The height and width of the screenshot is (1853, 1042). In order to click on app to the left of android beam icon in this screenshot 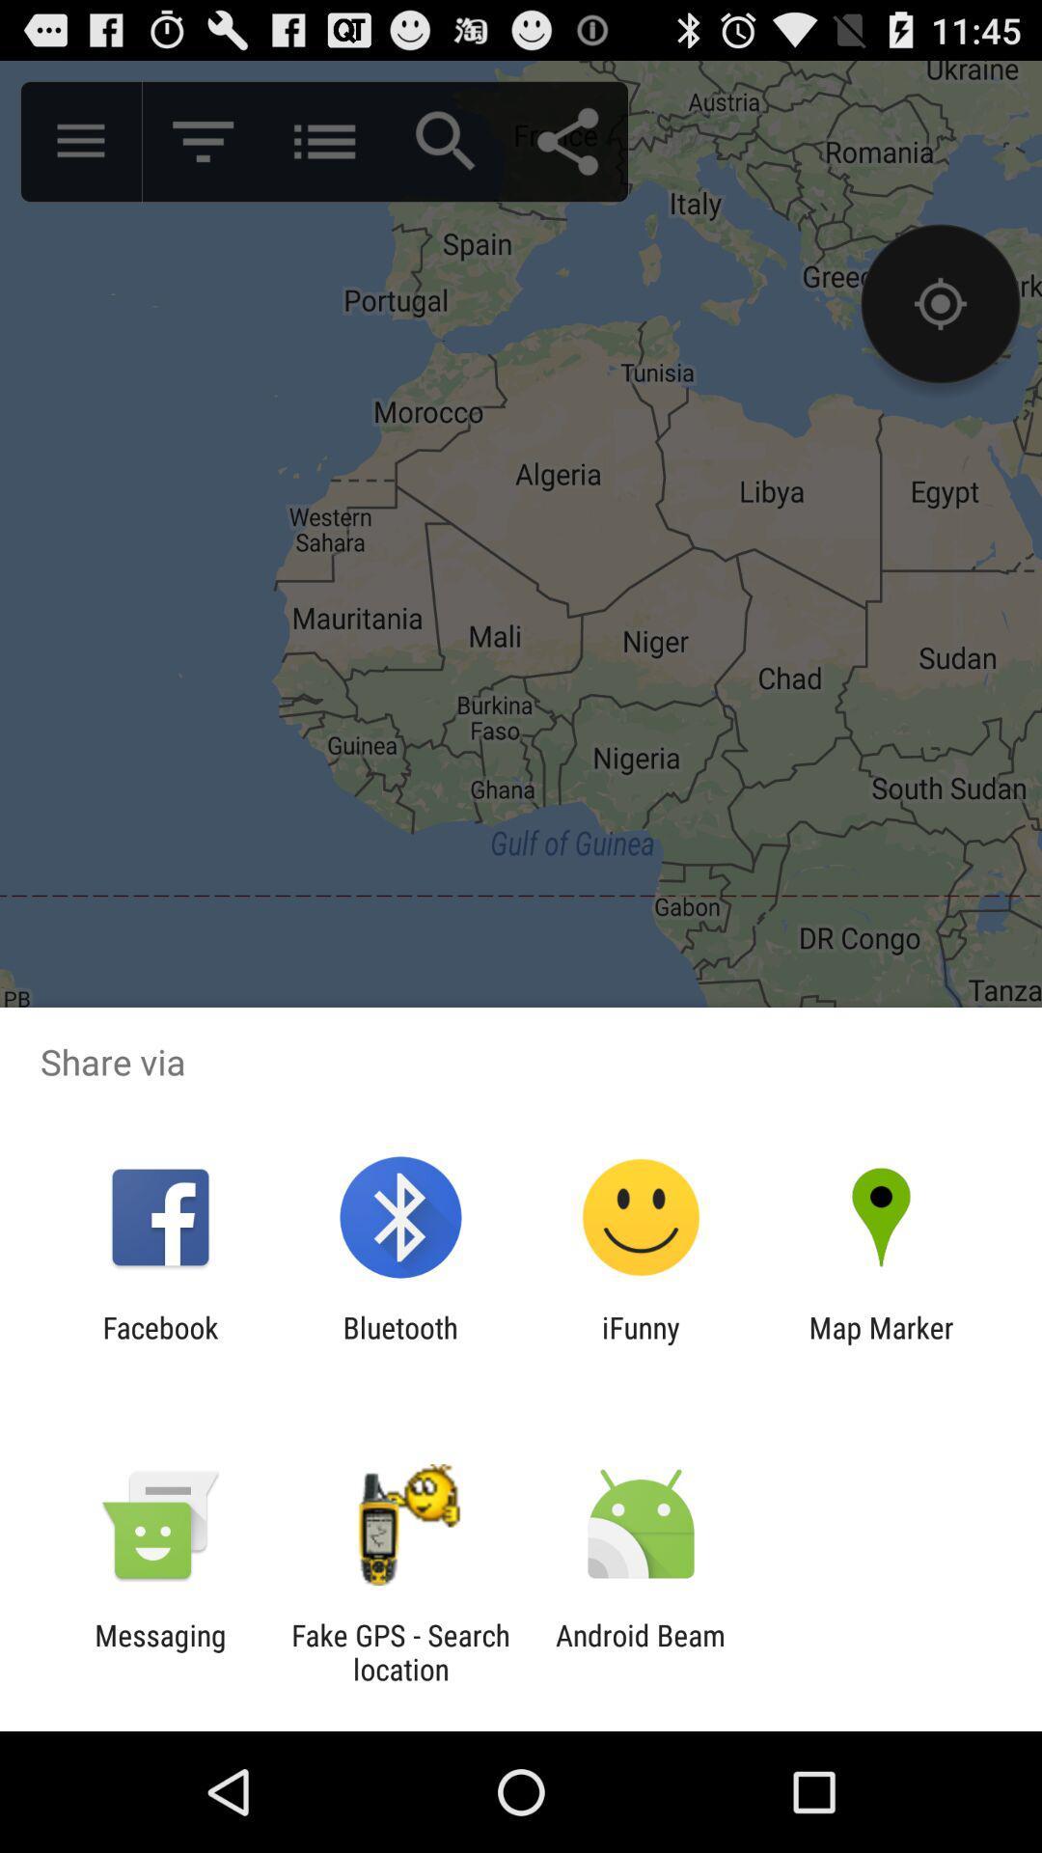, I will do `click(399, 1651)`.